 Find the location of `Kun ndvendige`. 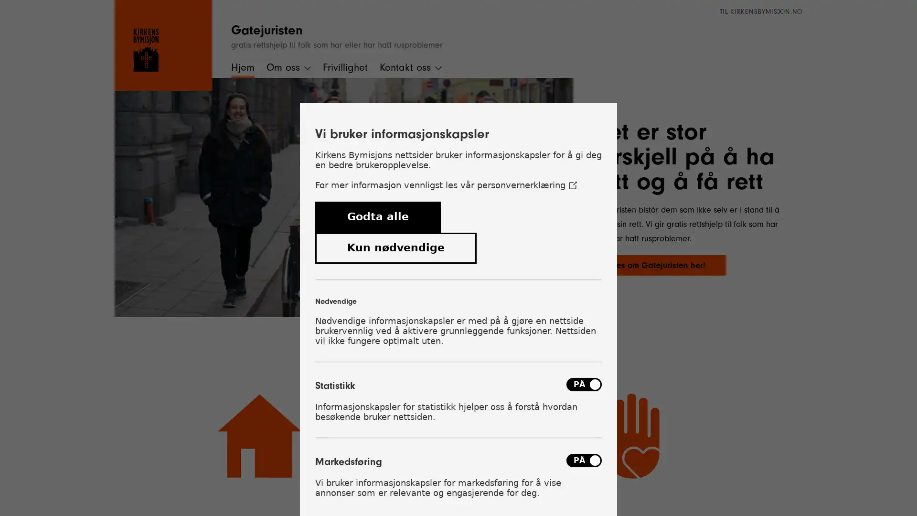

Kun ndvendige is located at coordinates (396, 247).